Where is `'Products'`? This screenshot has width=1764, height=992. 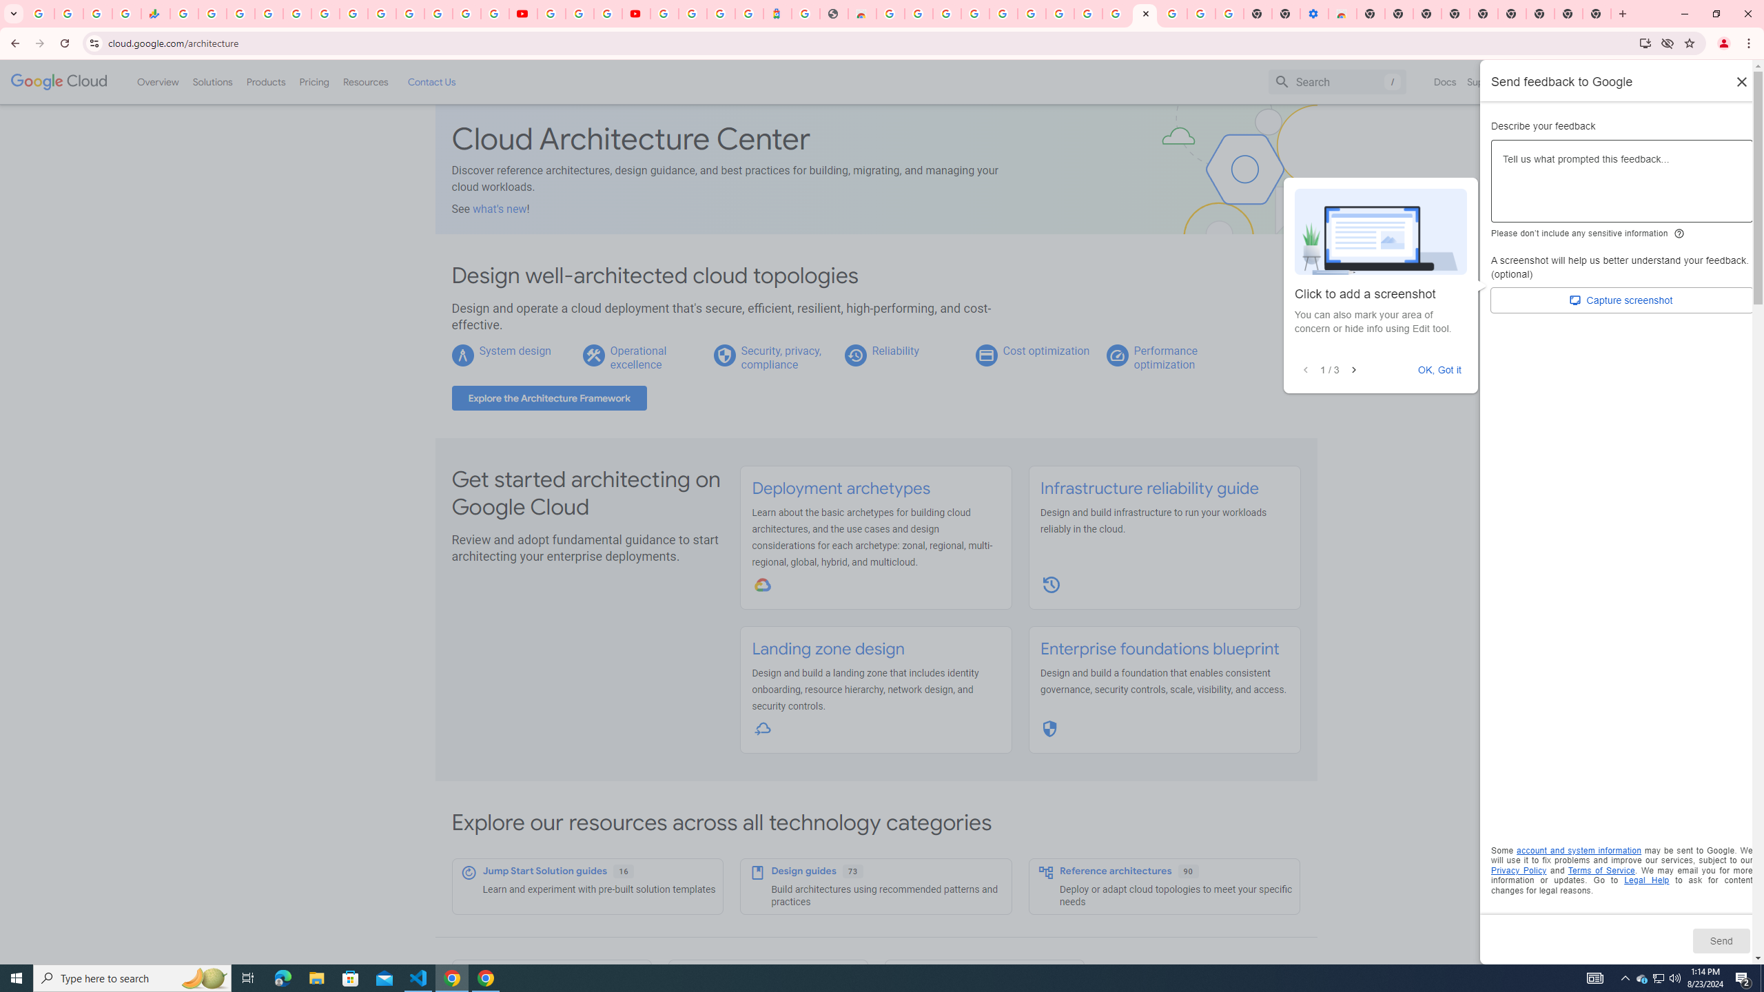
'Products' is located at coordinates (265, 81).